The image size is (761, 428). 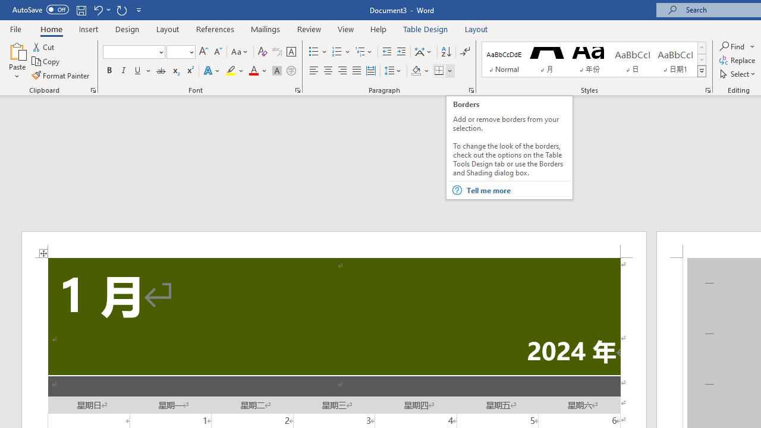 What do you see at coordinates (702, 71) in the screenshot?
I see `'Styles'` at bounding box center [702, 71].